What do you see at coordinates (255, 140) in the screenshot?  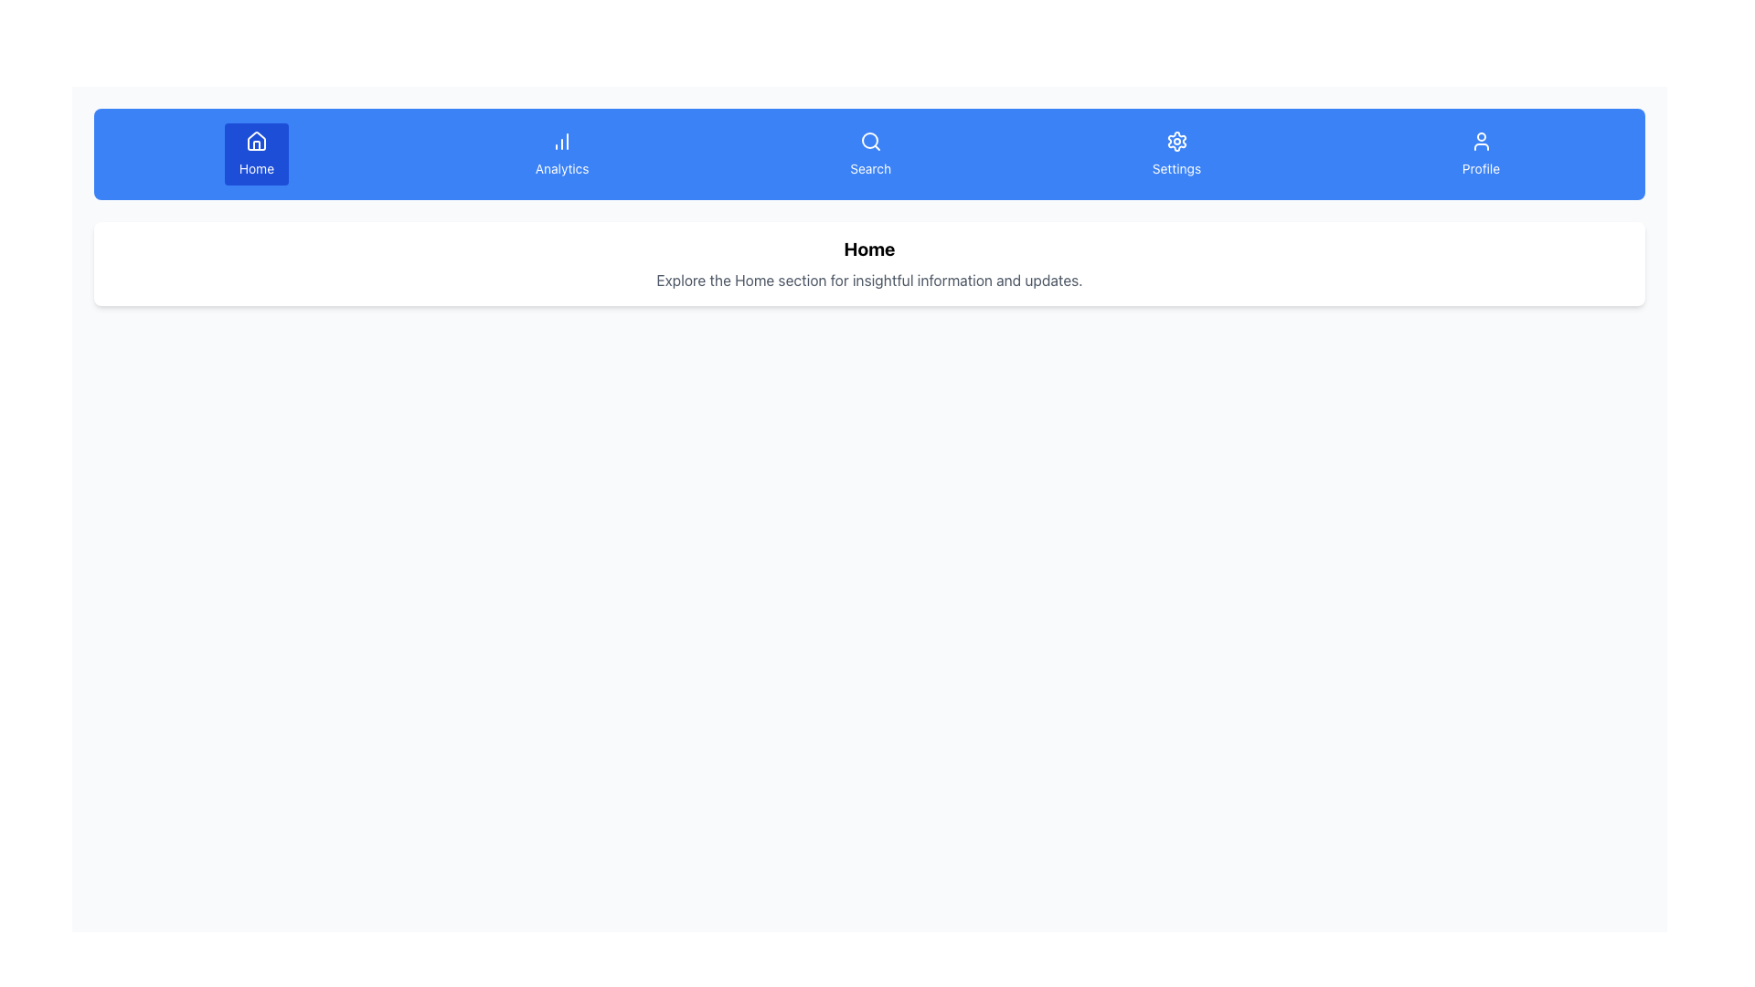 I see `the house icon located inside the blue rectangular button labeled 'Home'` at bounding box center [255, 140].